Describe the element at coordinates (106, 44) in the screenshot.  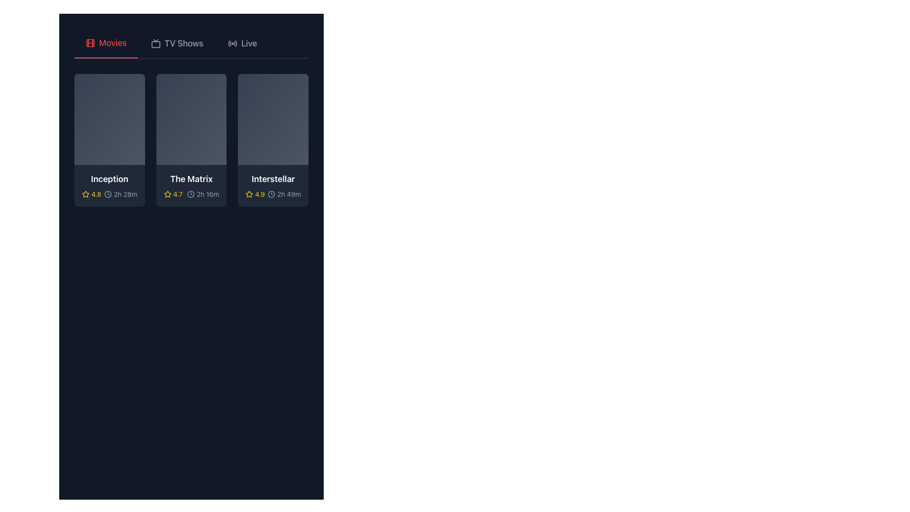
I see `the 'Movies' button in the top-left navigation bar to enable keyboard navigation` at that location.